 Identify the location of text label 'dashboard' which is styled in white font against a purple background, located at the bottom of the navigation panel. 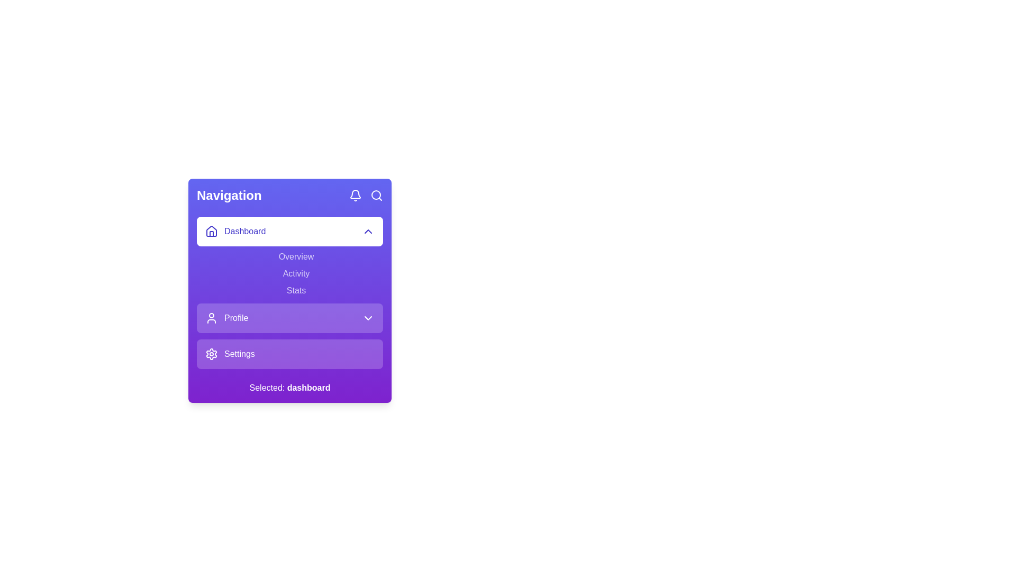
(308, 388).